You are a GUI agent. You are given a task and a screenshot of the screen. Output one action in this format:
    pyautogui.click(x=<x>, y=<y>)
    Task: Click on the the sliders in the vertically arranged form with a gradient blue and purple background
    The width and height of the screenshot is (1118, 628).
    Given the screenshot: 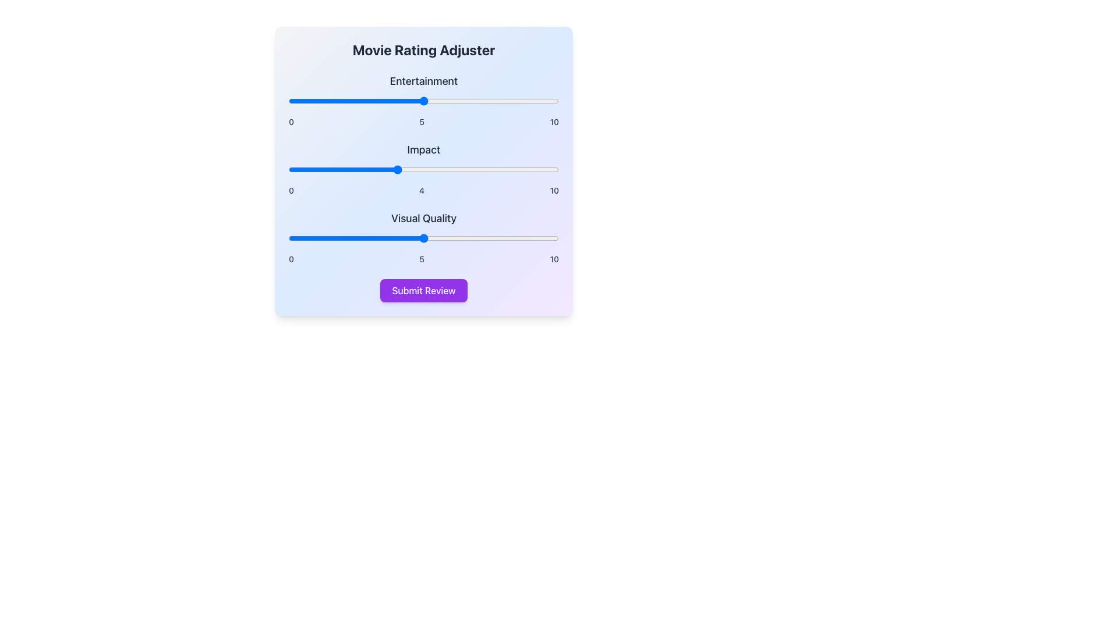 What is the action you would take?
    pyautogui.click(x=423, y=171)
    